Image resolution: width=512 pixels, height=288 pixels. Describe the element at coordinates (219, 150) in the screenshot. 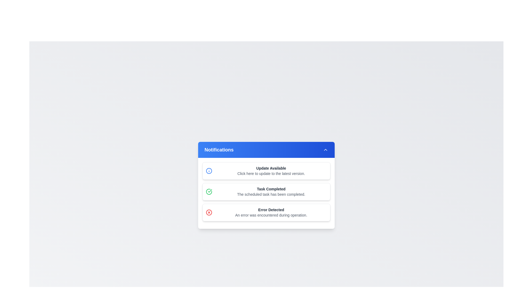

I see `text from the Notifications text label, which is displayed in a bold, large font on a blue gradient background in the header area` at that location.